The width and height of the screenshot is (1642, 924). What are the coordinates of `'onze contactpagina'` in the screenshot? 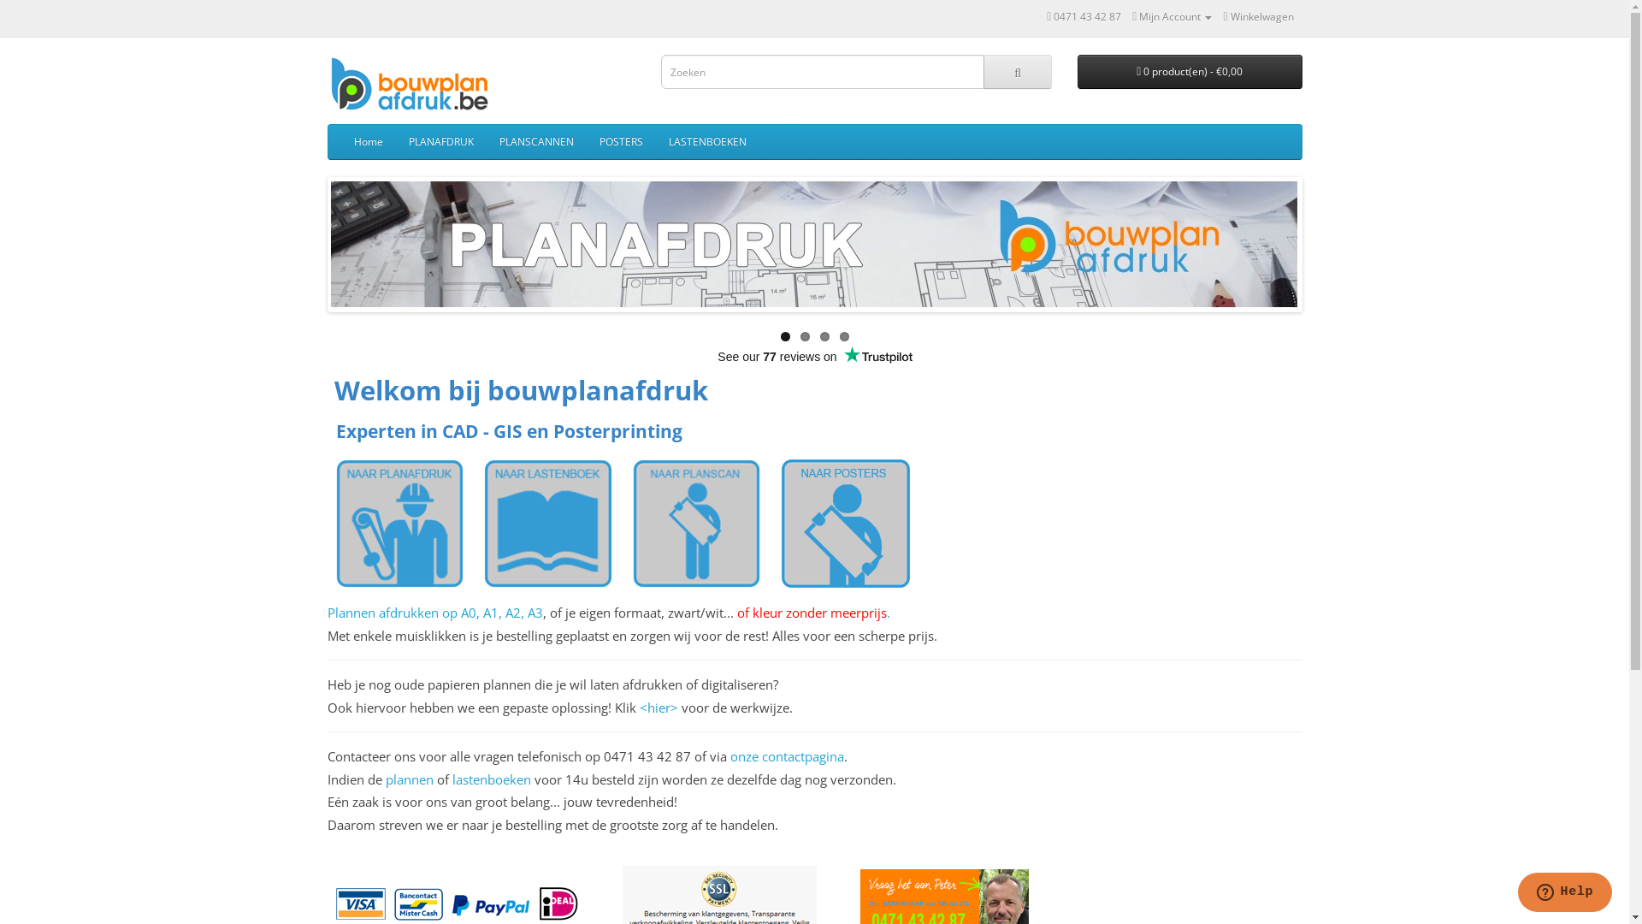 It's located at (786, 755).